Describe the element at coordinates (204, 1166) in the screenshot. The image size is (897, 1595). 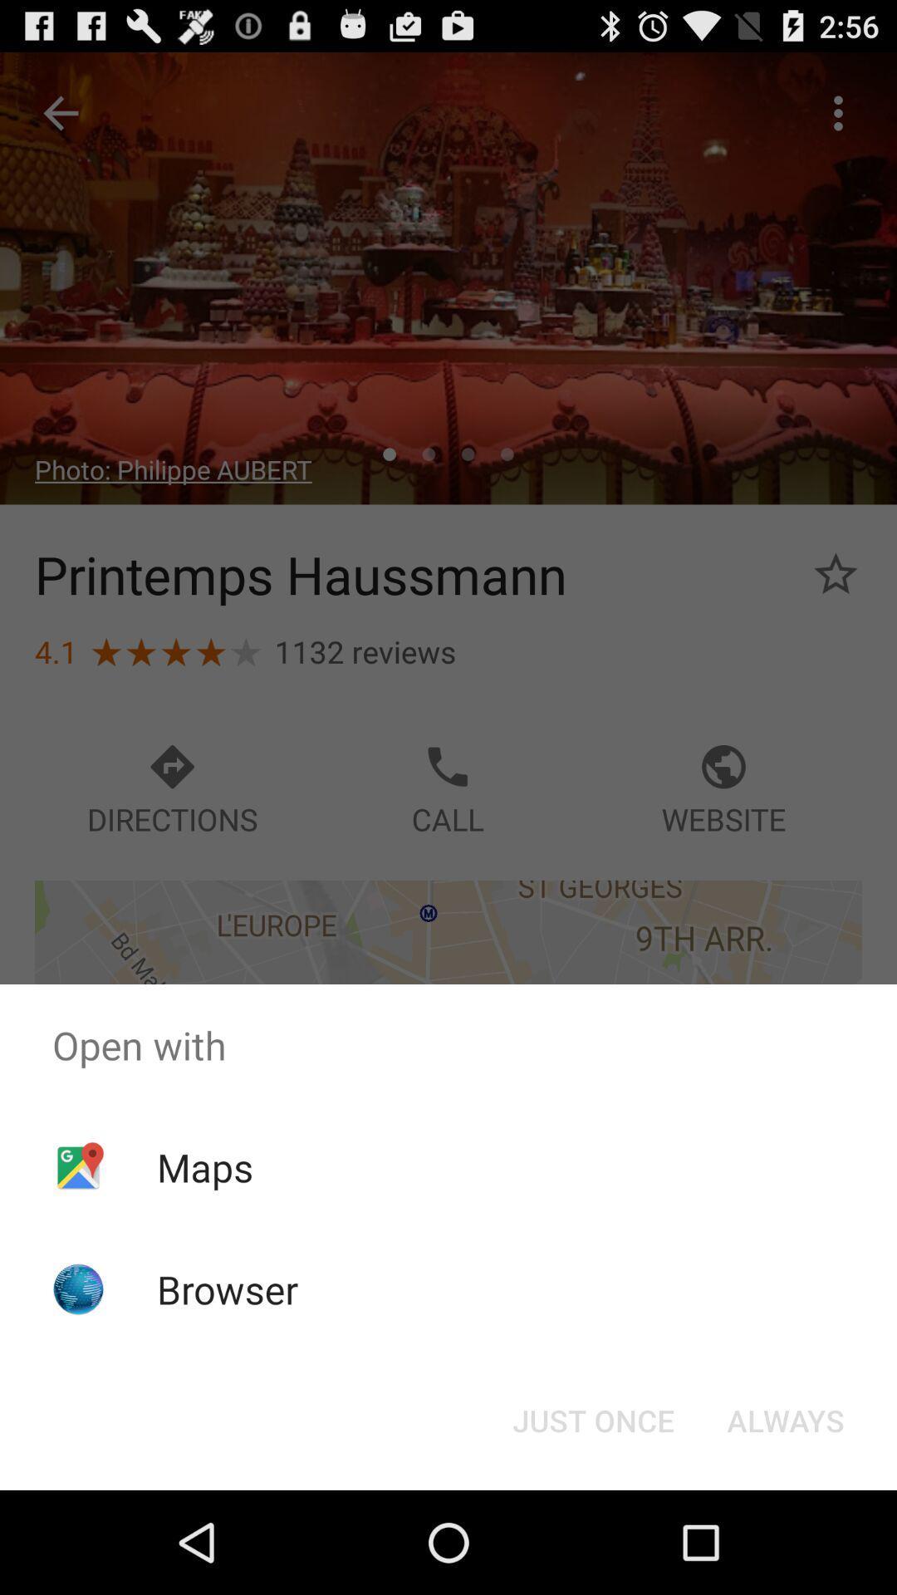
I see `the icon below the open with app` at that location.